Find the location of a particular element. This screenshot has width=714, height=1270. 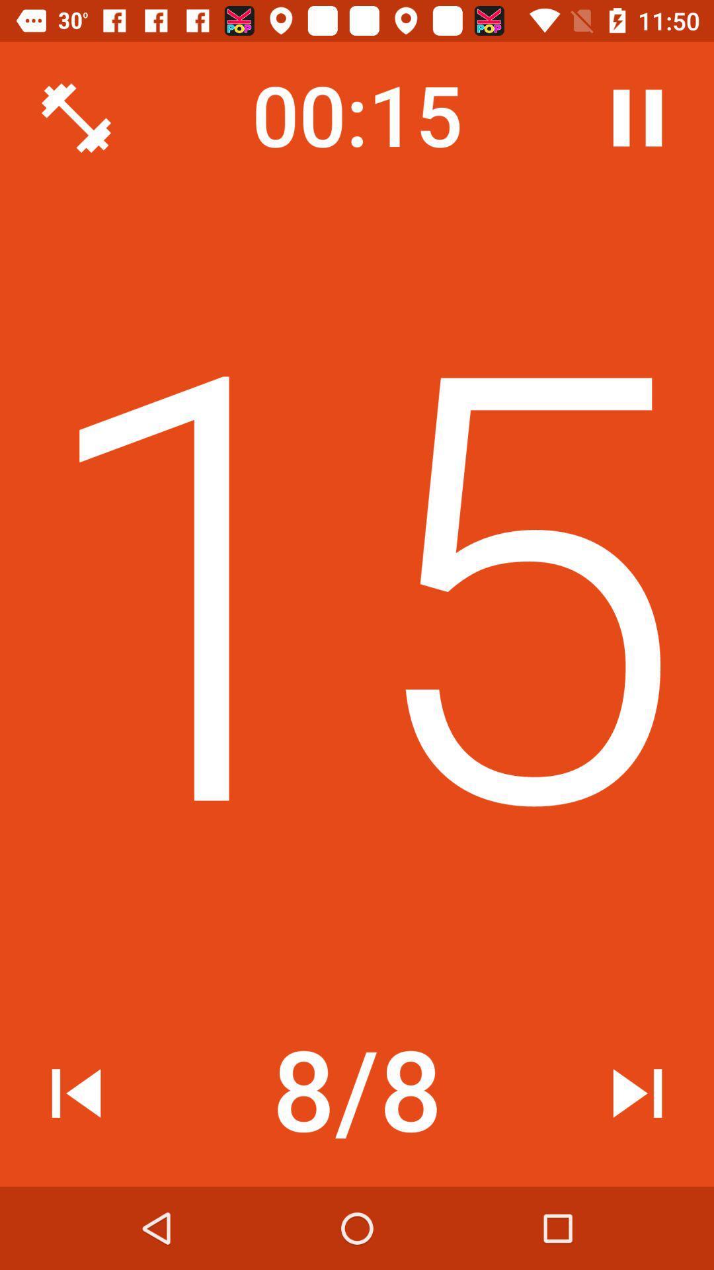

the item to the right of the 8/8 is located at coordinates (637, 1093).